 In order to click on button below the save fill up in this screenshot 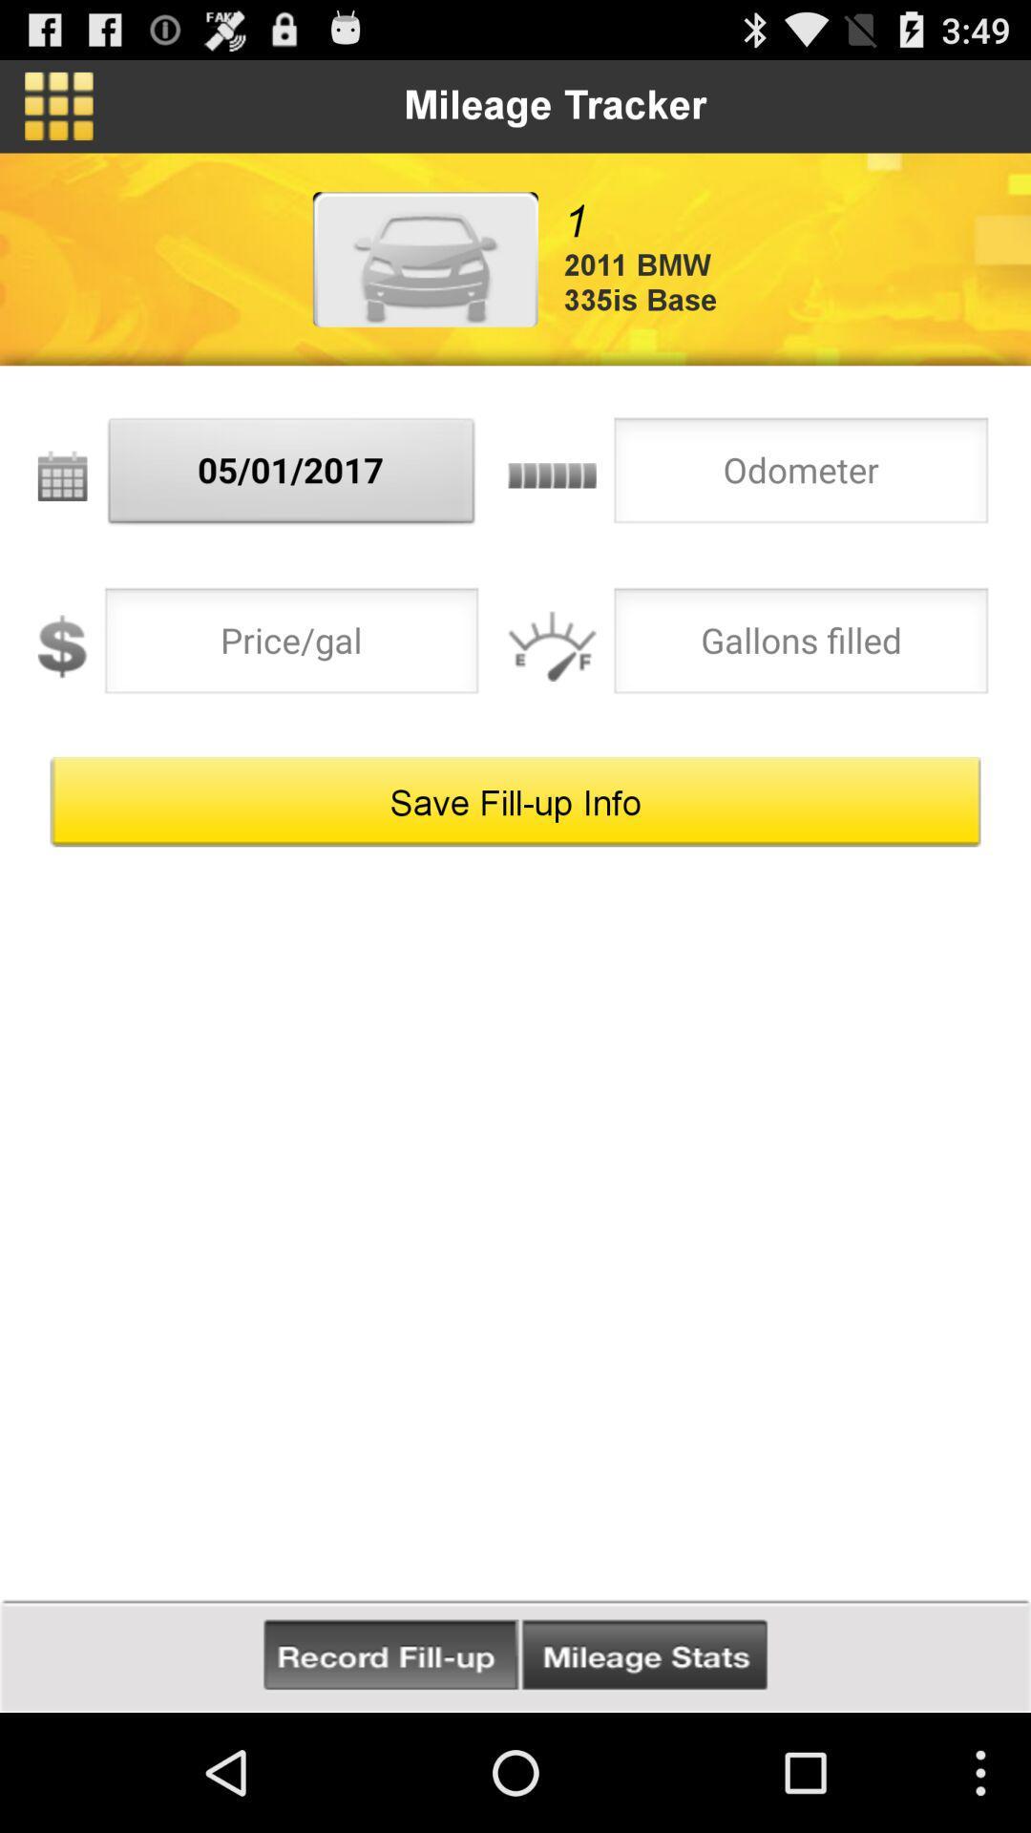, I will do `click(644, 1654)`.